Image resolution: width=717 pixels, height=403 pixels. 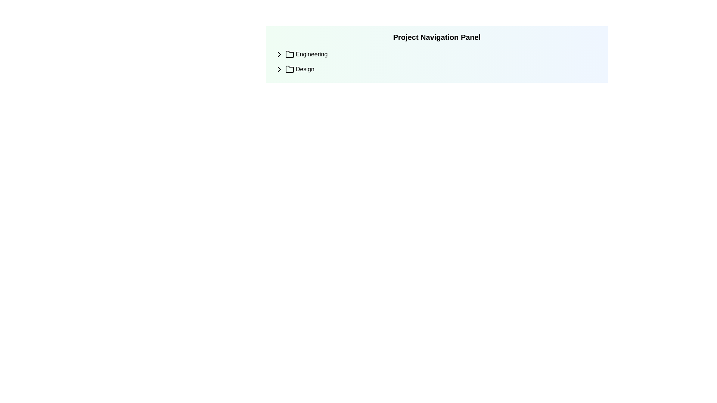 What do you see at coordinates (289, 54) in the screenshot?
I see `the folder icon, which is the first graphical item preceding the text label 'Engineering' in the navigation options` at bounding box center [289, 54].